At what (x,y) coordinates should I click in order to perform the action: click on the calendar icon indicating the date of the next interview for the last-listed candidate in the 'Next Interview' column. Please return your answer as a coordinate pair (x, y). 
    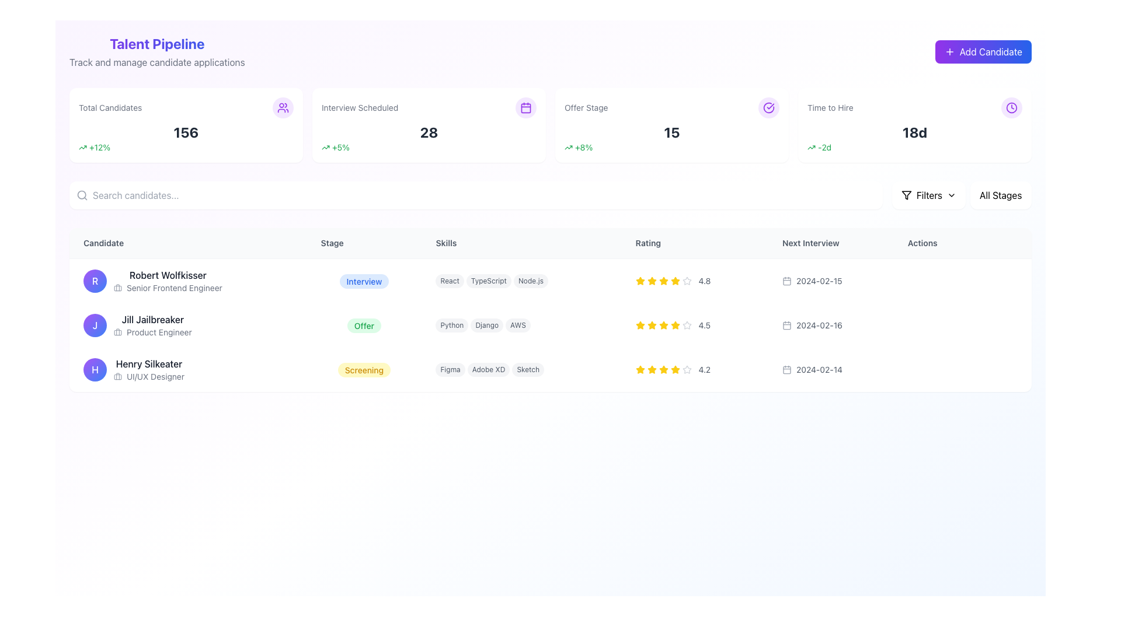
    Looking at the image, I should click on (787, 369).